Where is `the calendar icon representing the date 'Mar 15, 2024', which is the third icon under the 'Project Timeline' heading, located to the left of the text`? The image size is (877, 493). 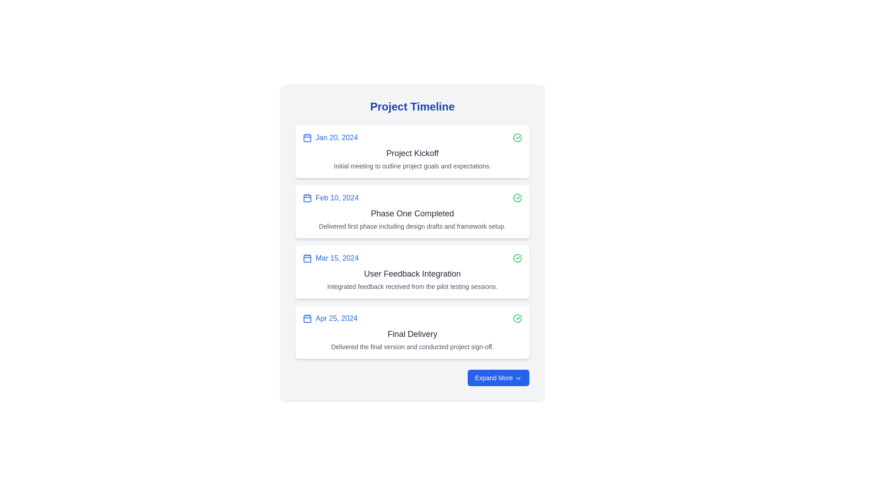 the calendar icon representing the date 'Mar 15, 2024', which is the third icon under the 'Project Timeline' heading, located to the left of the text is located at coordinates (307, 258).